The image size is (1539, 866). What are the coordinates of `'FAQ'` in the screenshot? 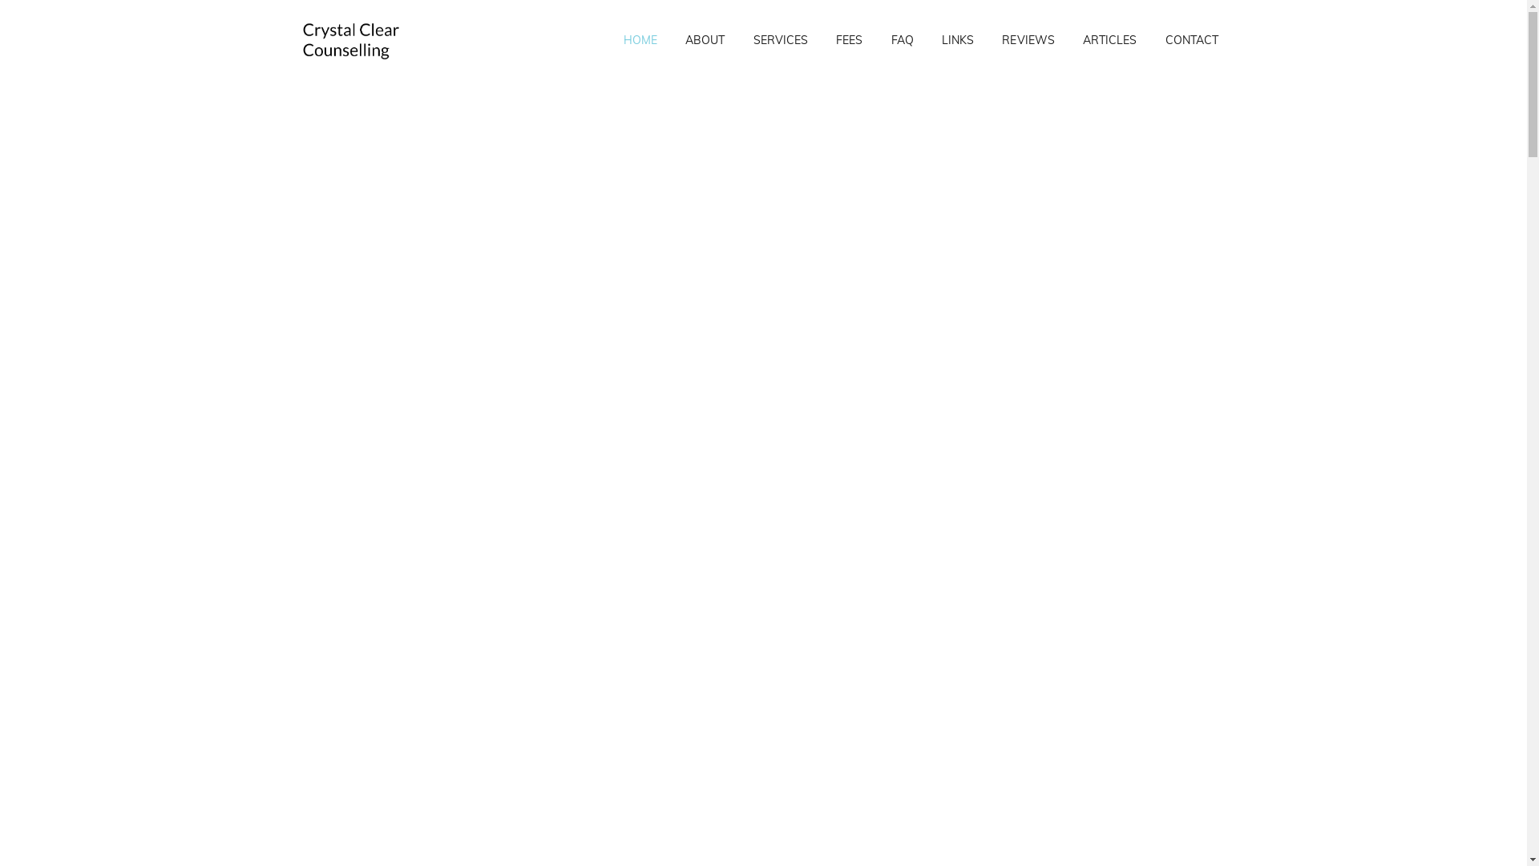 It's located at (902, 39).